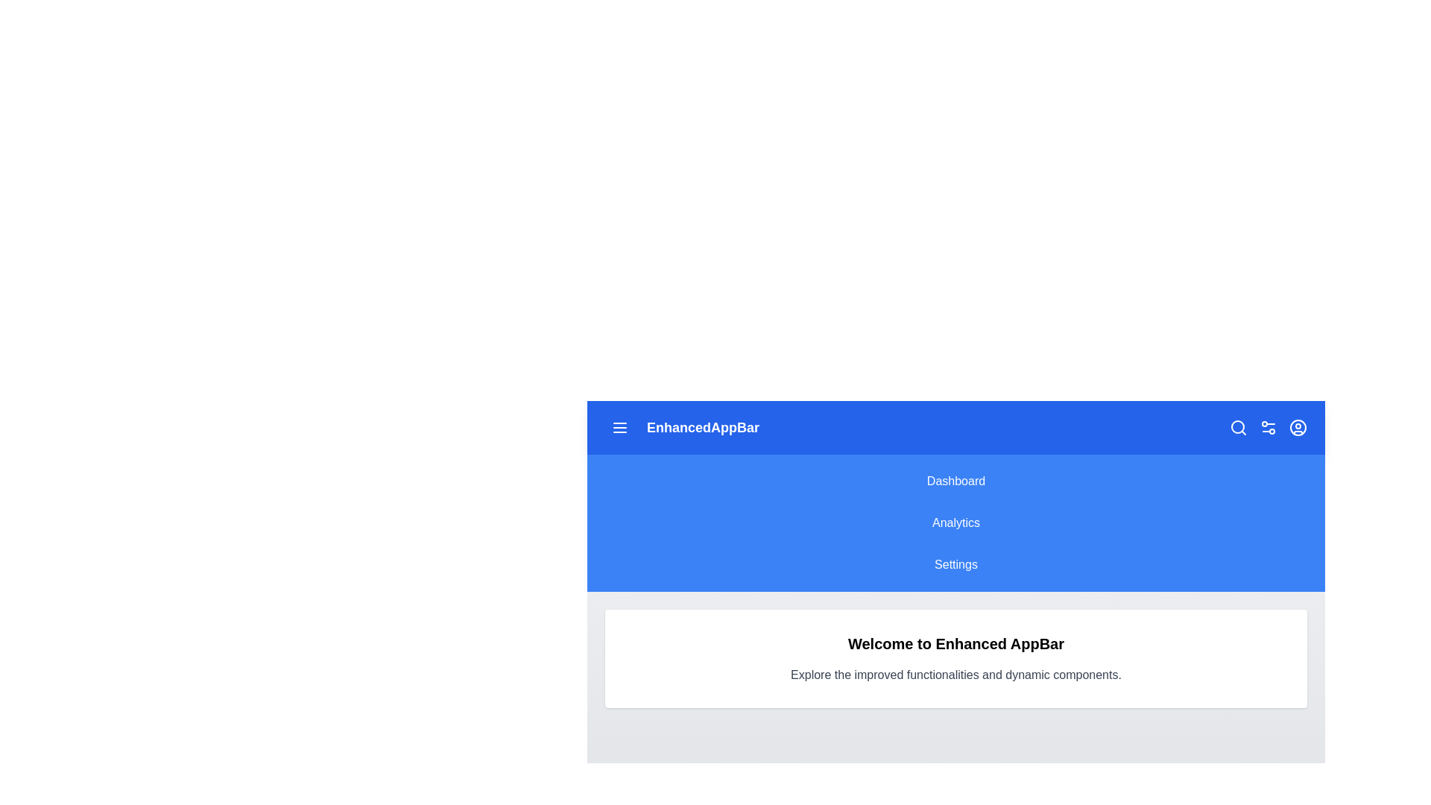 This screenshot has width=1431, height=805. What do you see at coordinates (1238, 428) in the screenshot?
I see `the search icon in the EnhancedAppBar header` at bounding box center [1238, 428].